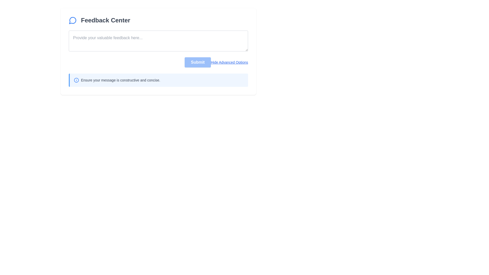 This screenshot has height=275, width=489. Describe the element at coordinates (159, 80) in the screenshot. I see `the informational text with icon located near the bottom of the feedback section, providing guidance about the feedback message` at that location.